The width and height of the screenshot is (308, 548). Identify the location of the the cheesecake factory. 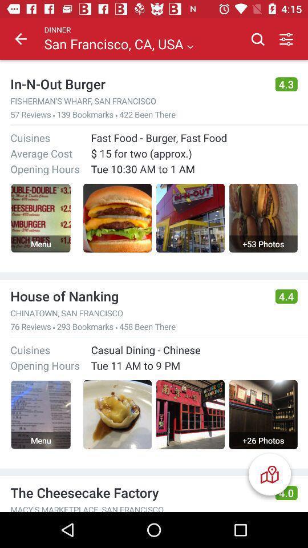
(137, 492).